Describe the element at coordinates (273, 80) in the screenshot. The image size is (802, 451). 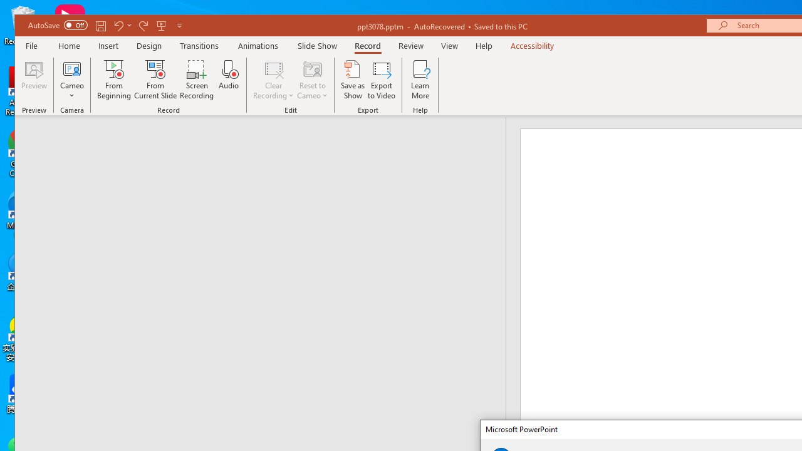
I see `'Clear Recording'` at that location.